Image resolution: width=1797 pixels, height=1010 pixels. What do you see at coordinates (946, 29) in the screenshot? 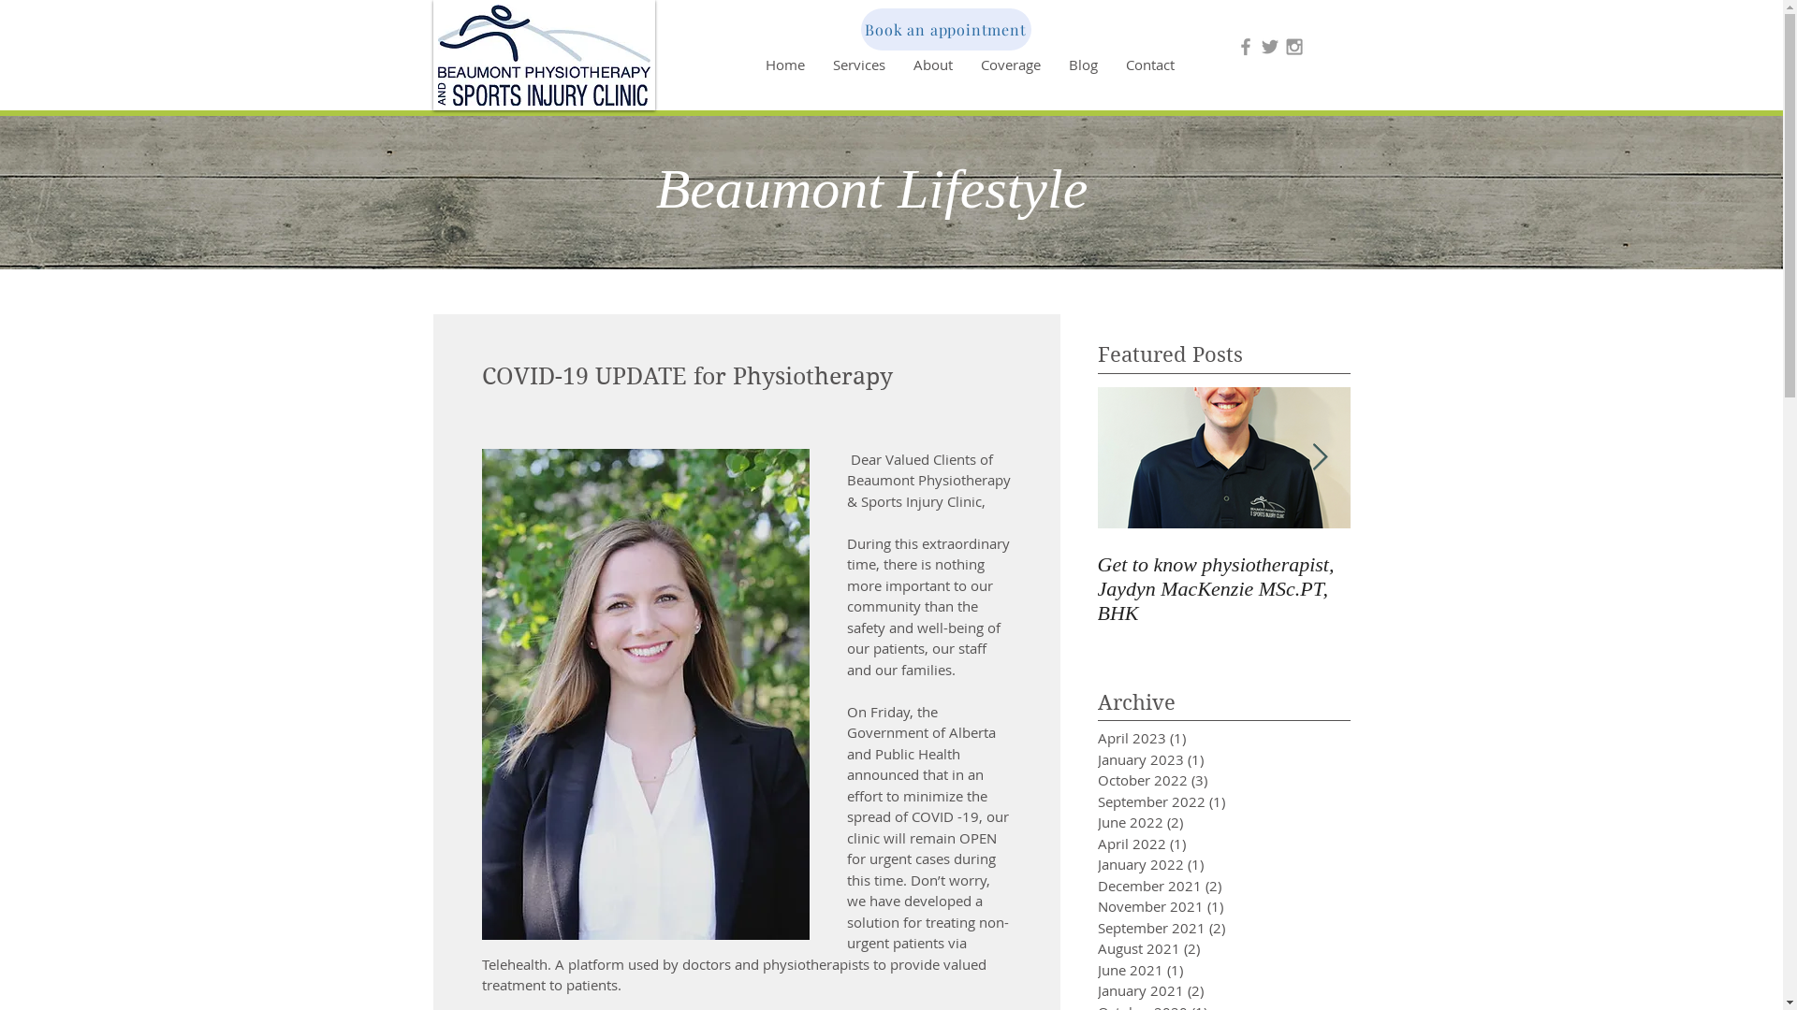
I see `'Book an appointment'` at bounding box center [946, 29].